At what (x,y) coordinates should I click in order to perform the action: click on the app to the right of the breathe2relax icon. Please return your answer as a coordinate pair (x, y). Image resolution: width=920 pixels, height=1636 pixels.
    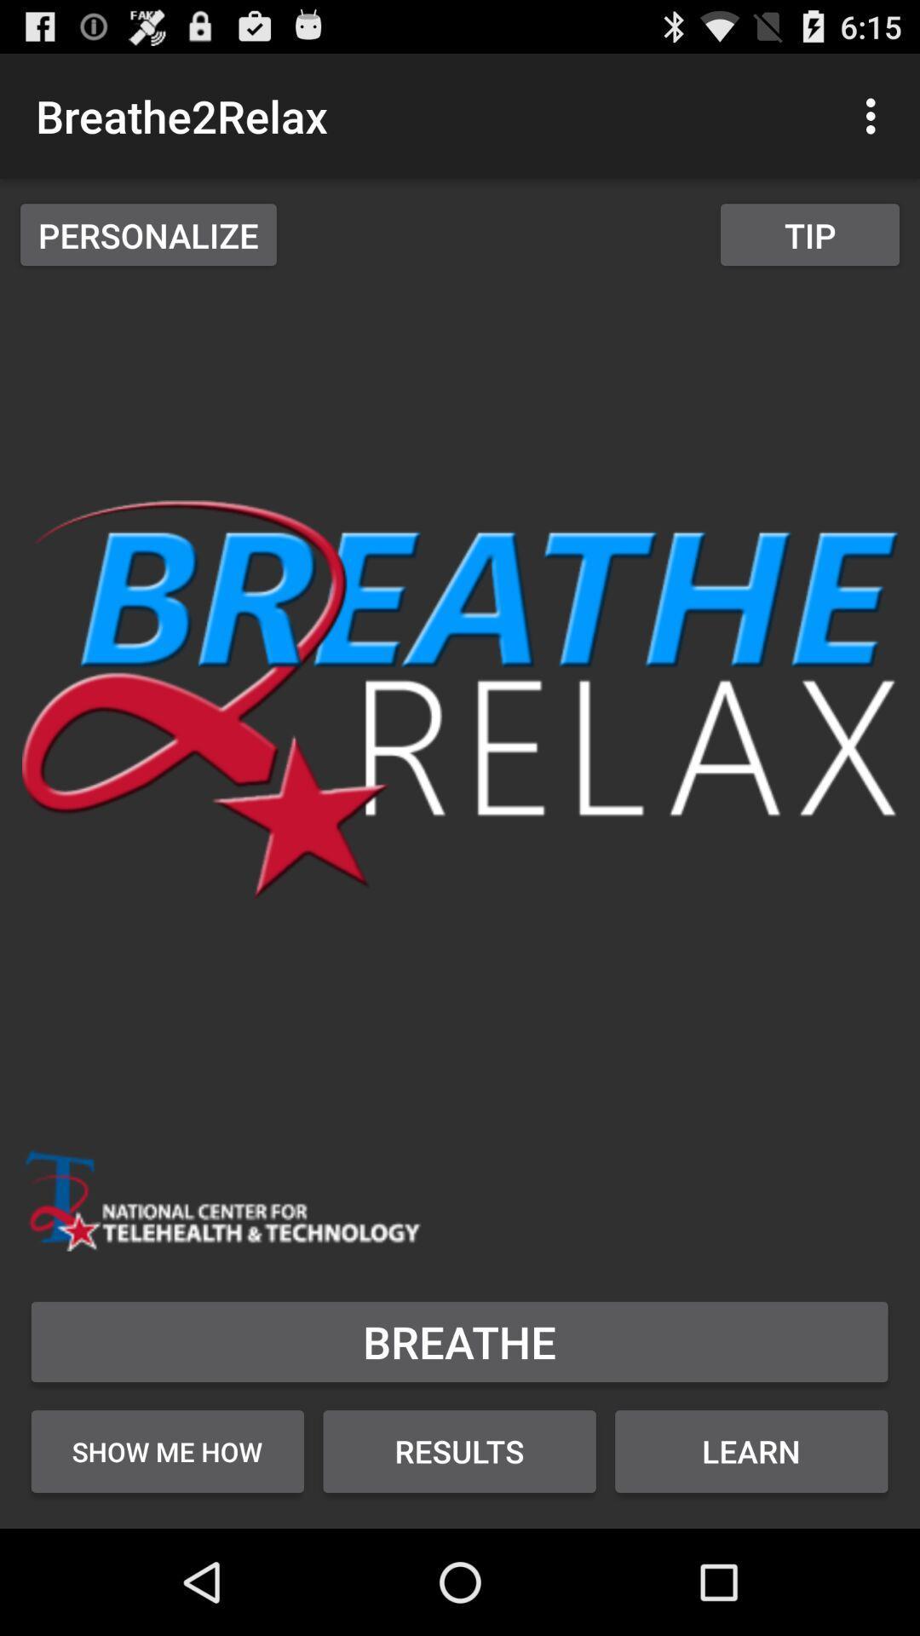
    Looking at the image, I should click on (875, 115).